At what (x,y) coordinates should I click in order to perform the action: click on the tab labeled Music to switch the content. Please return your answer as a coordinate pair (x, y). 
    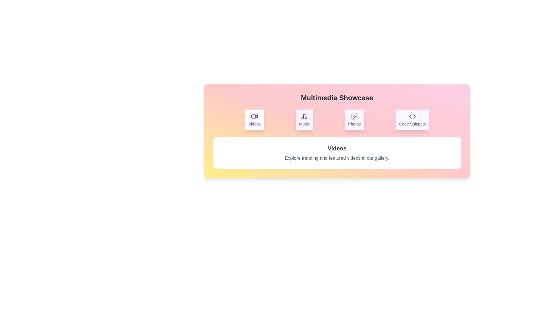
    Looking at the image, I should click on (304, 119).